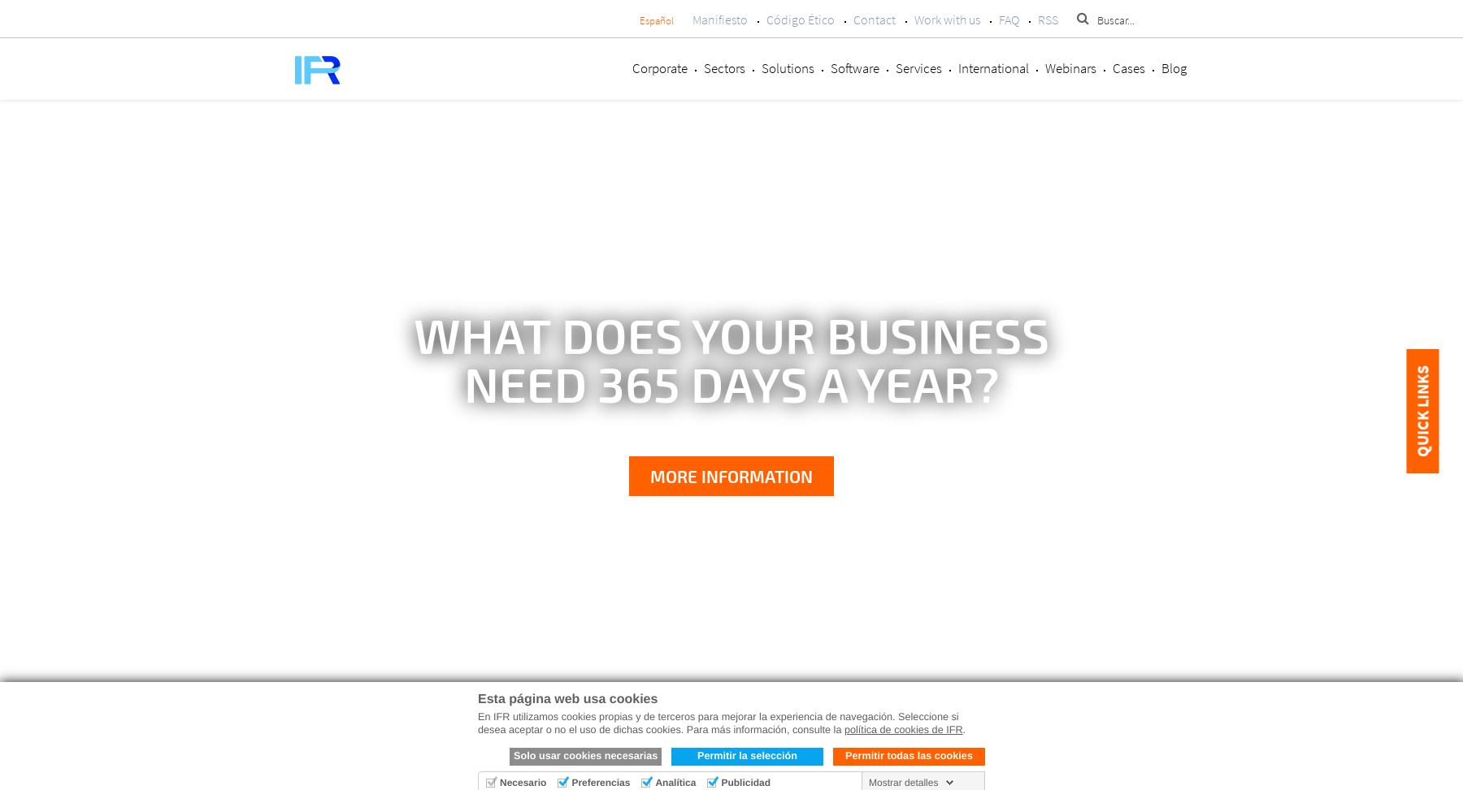 The height and width of the screenshot is (790, 1463). What do you see at coordinates (567, 699) in the screenshot?
I see `'Esta página web usa cookies'` at bounding box center [567, 699].